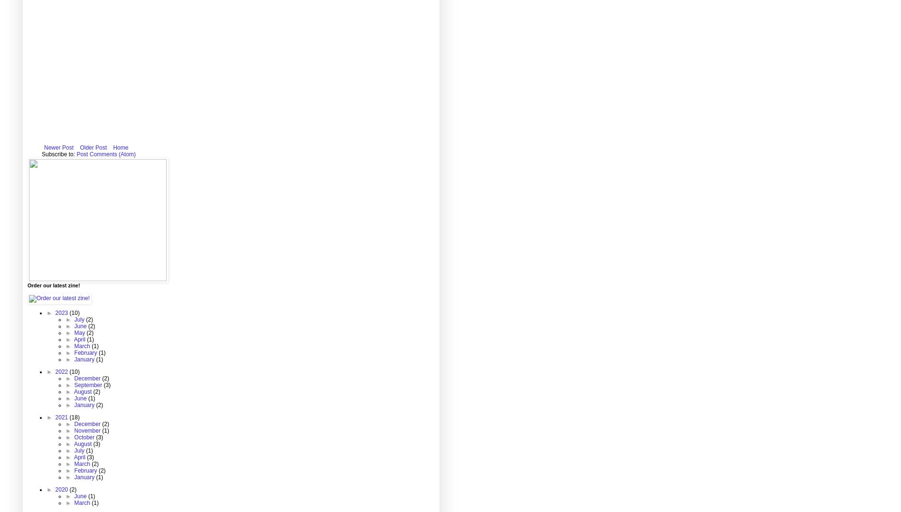 This screenshot has width=901, height=512. Describe the element at coordinates (105, 154) in the screenshot. I see `'Post Comments (Atom)'` at that location.